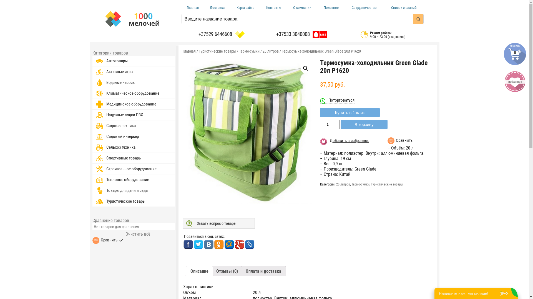  Describe the element at coordinates (188, 244) in the screenshot. I see `'Facebook'` at that location.